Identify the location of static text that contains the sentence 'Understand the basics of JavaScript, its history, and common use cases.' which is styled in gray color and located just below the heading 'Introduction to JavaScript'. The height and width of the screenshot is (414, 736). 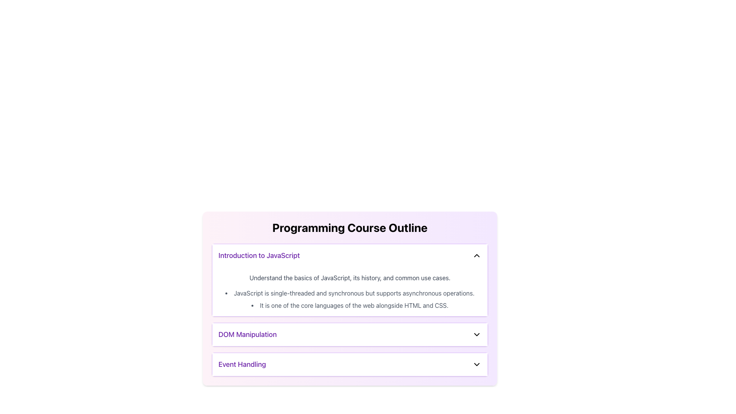
(349, 278).